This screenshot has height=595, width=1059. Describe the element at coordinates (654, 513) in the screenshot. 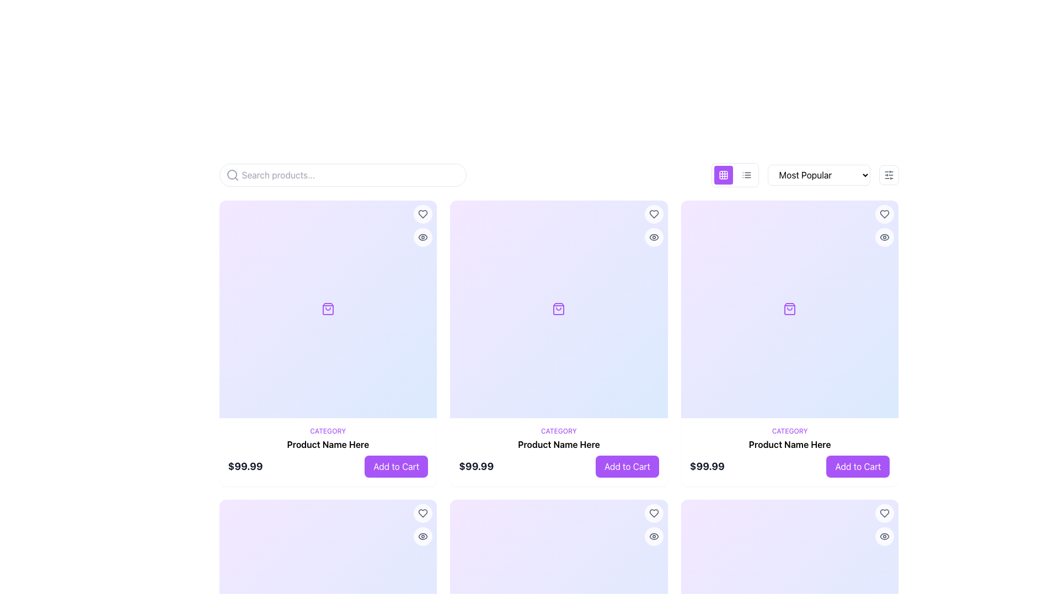

I see `the heart-shaped icon in the top-right corner of the second product card in the first row to mark or unmark the product as favorite` at that location.